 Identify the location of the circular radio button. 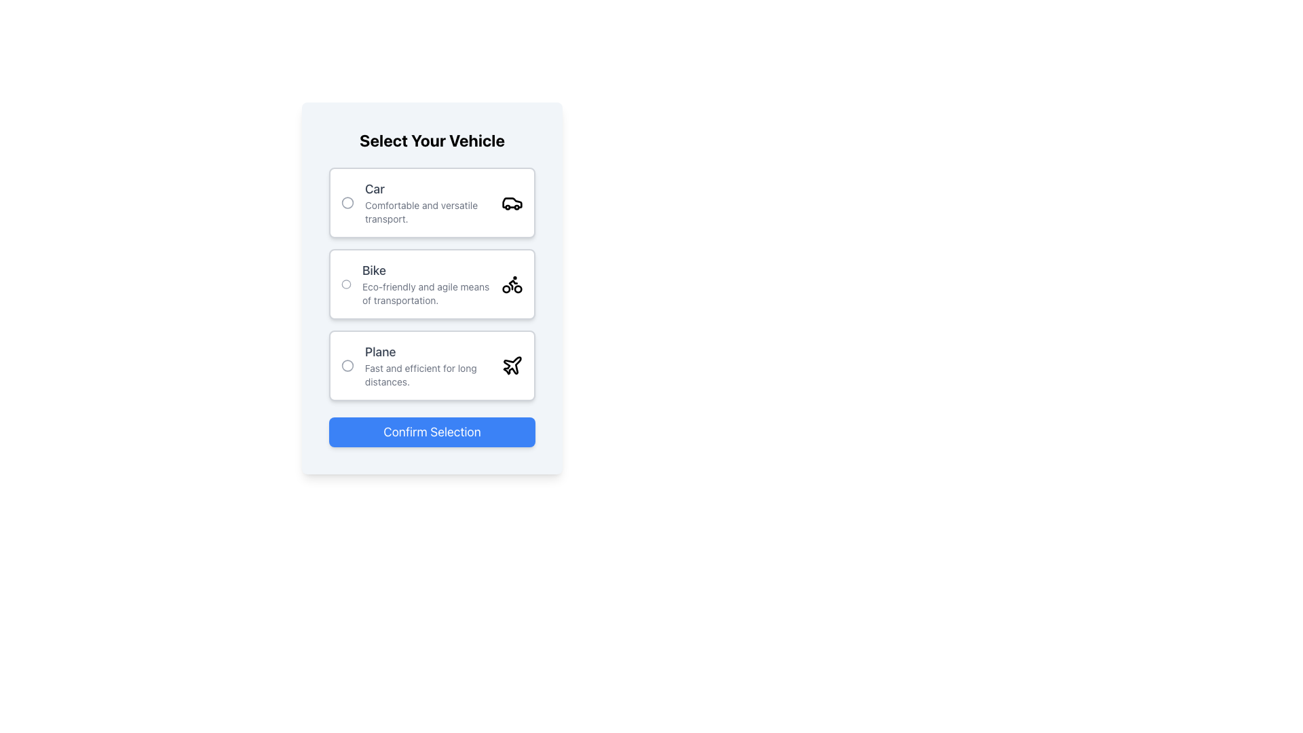
(427, 365).